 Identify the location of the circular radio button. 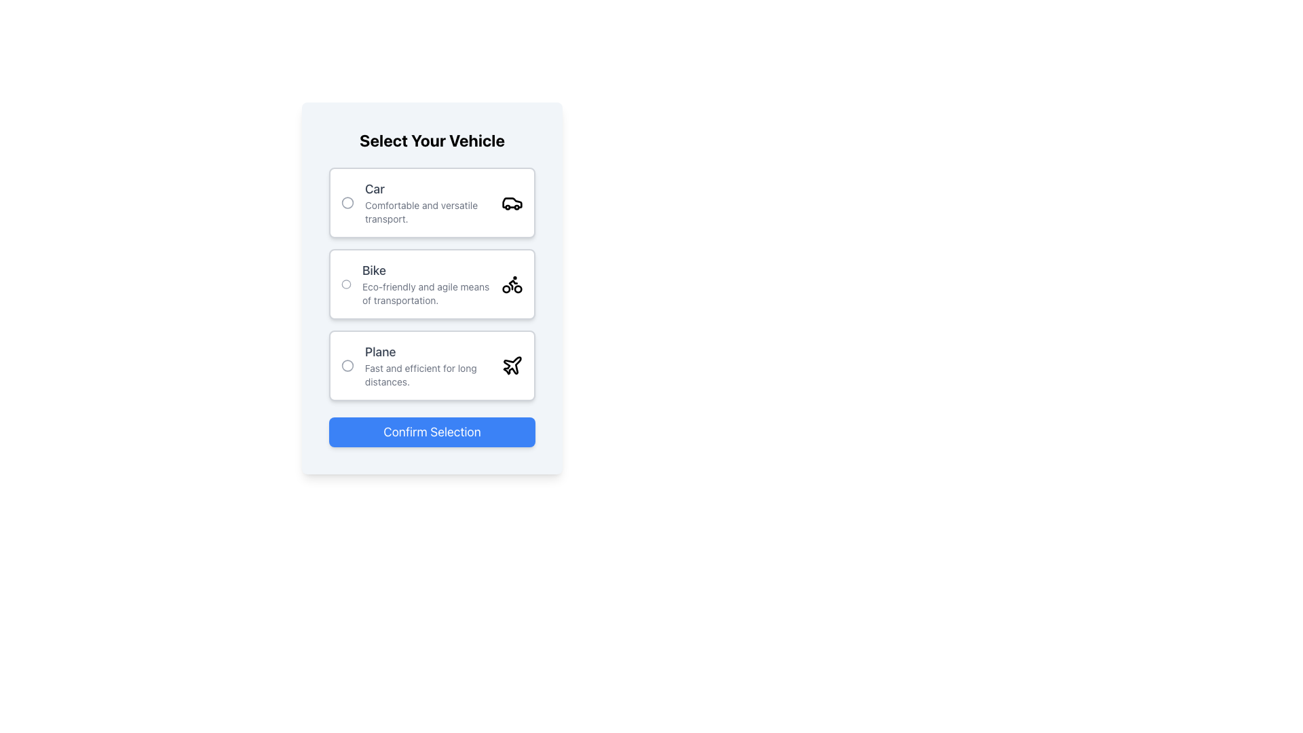
(427, 365).